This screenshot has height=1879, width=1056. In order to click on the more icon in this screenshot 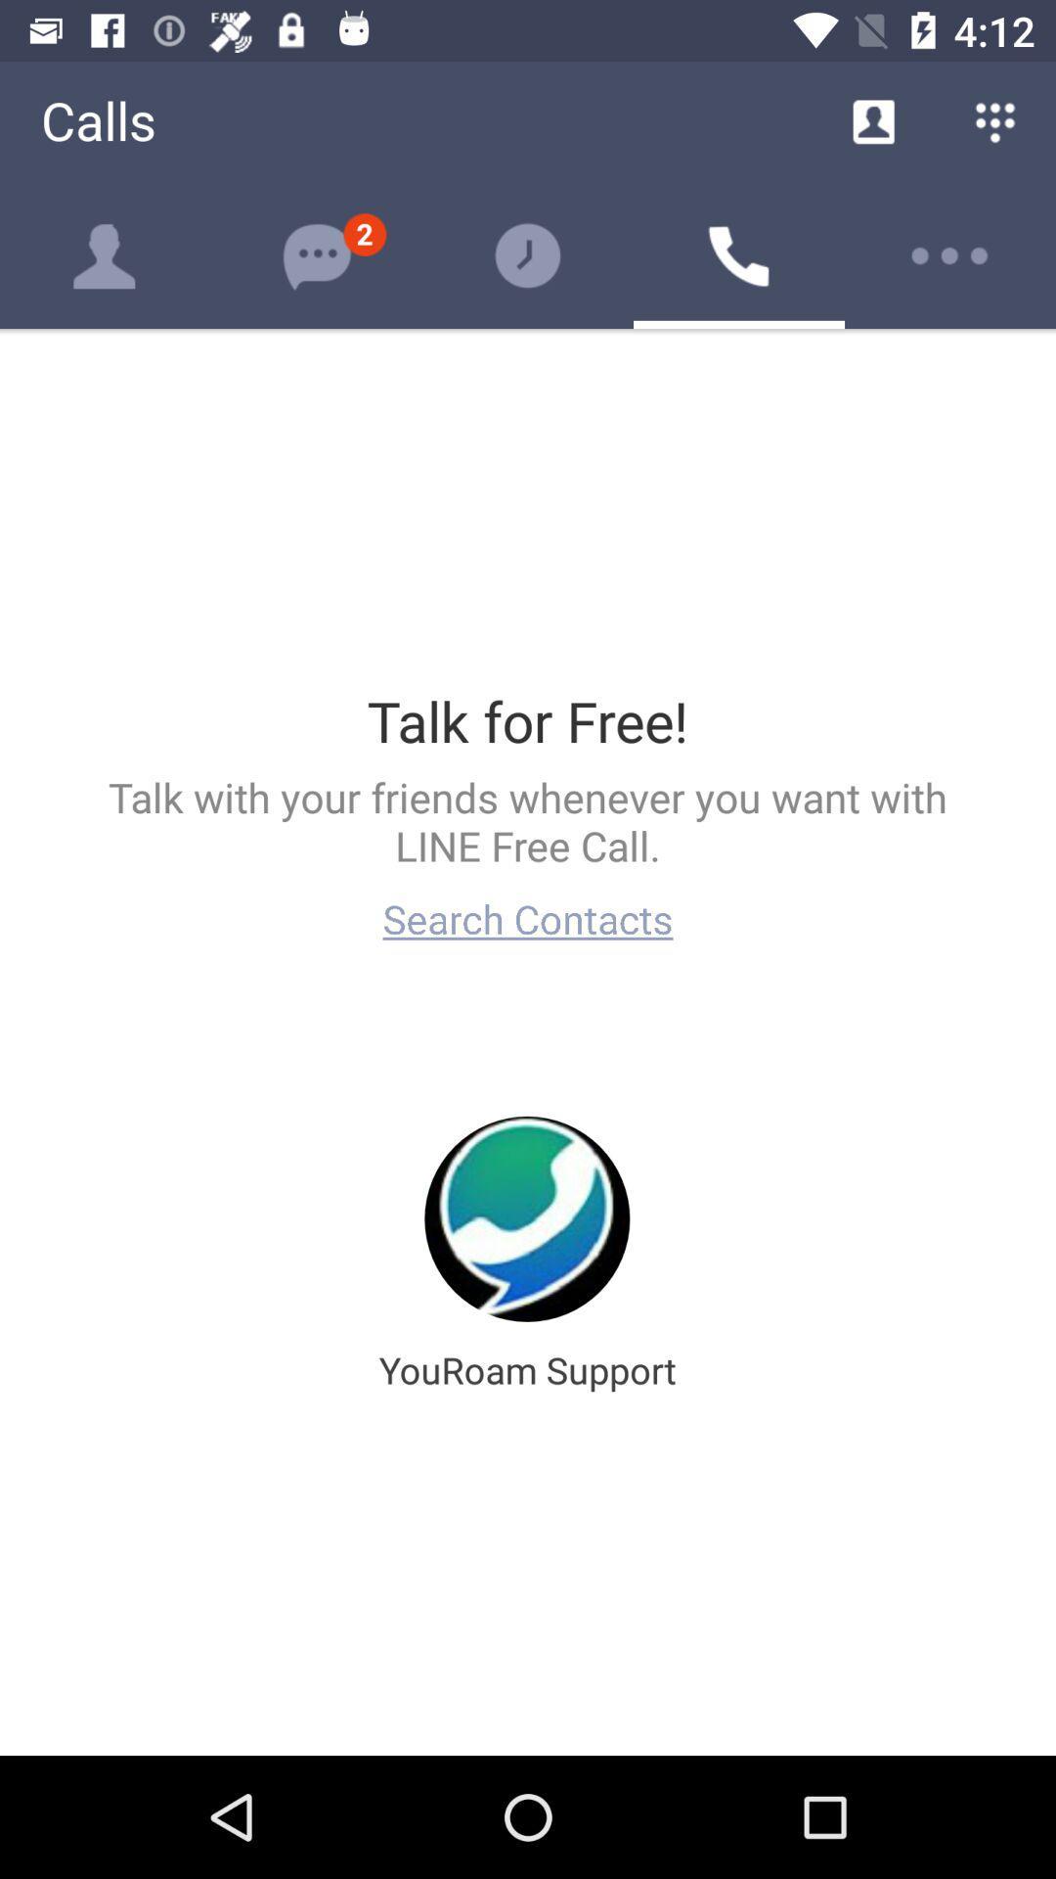, I will do `click(949, 255)`.